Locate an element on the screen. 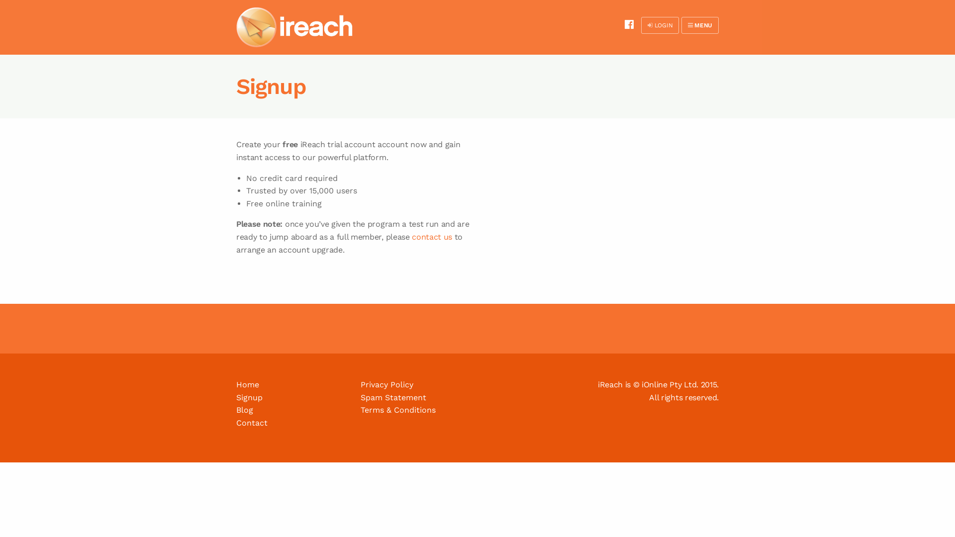 The image size is (955, 537). 'contact us' is located at coordinates (432, 237).